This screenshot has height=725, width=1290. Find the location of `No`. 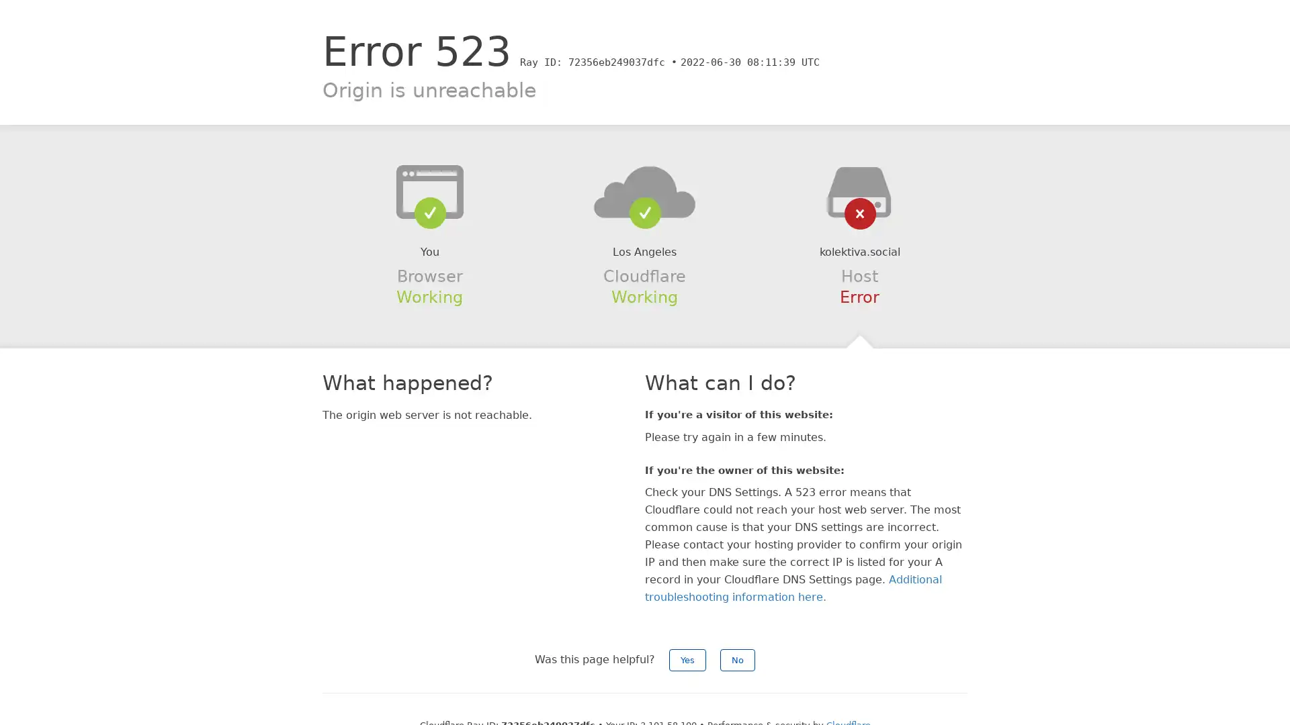

No is located at coordinates (737, 659).